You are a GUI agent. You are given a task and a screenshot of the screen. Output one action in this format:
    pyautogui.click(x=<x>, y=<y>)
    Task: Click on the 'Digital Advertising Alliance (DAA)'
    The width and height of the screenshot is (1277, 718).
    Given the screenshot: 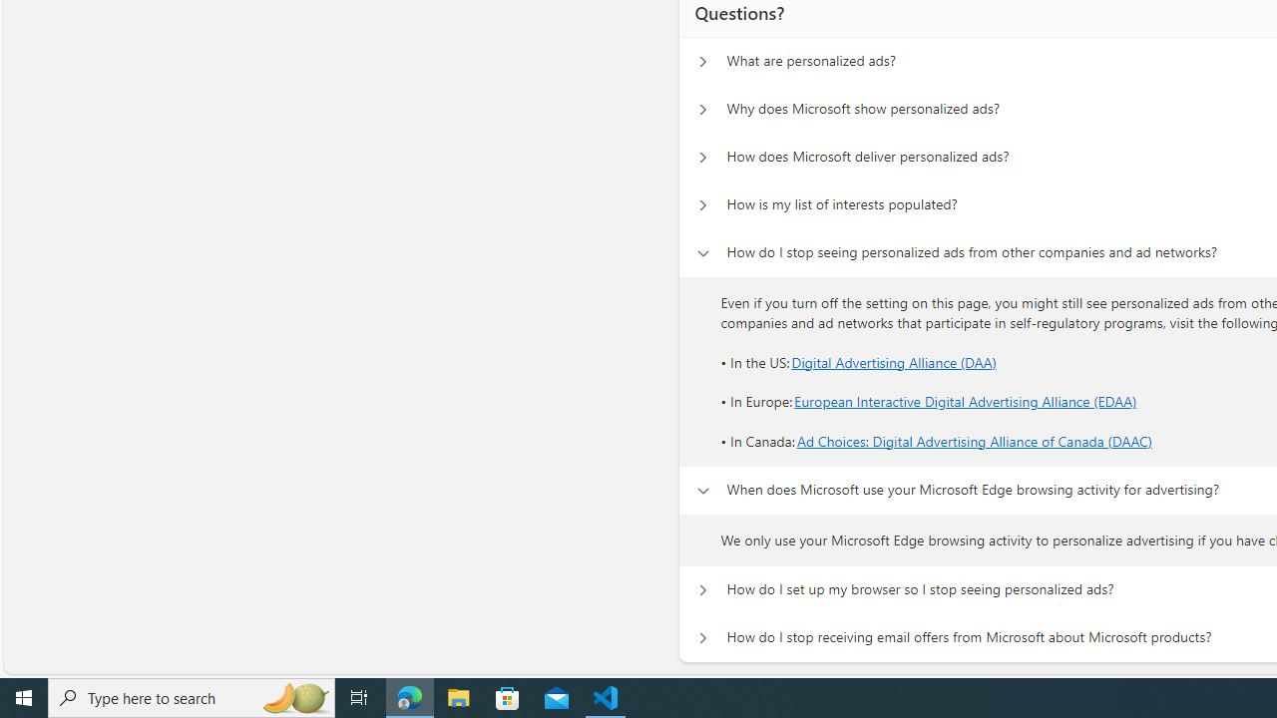 What is the action you would take?
    pyautogui.click(x=893, y=361)
    